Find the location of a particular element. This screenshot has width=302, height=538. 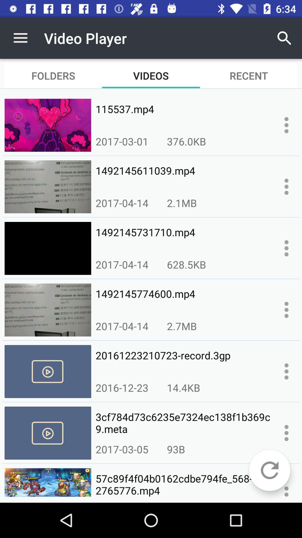

20161223210723-record.3gp icon is located at coordinates (183, 361).